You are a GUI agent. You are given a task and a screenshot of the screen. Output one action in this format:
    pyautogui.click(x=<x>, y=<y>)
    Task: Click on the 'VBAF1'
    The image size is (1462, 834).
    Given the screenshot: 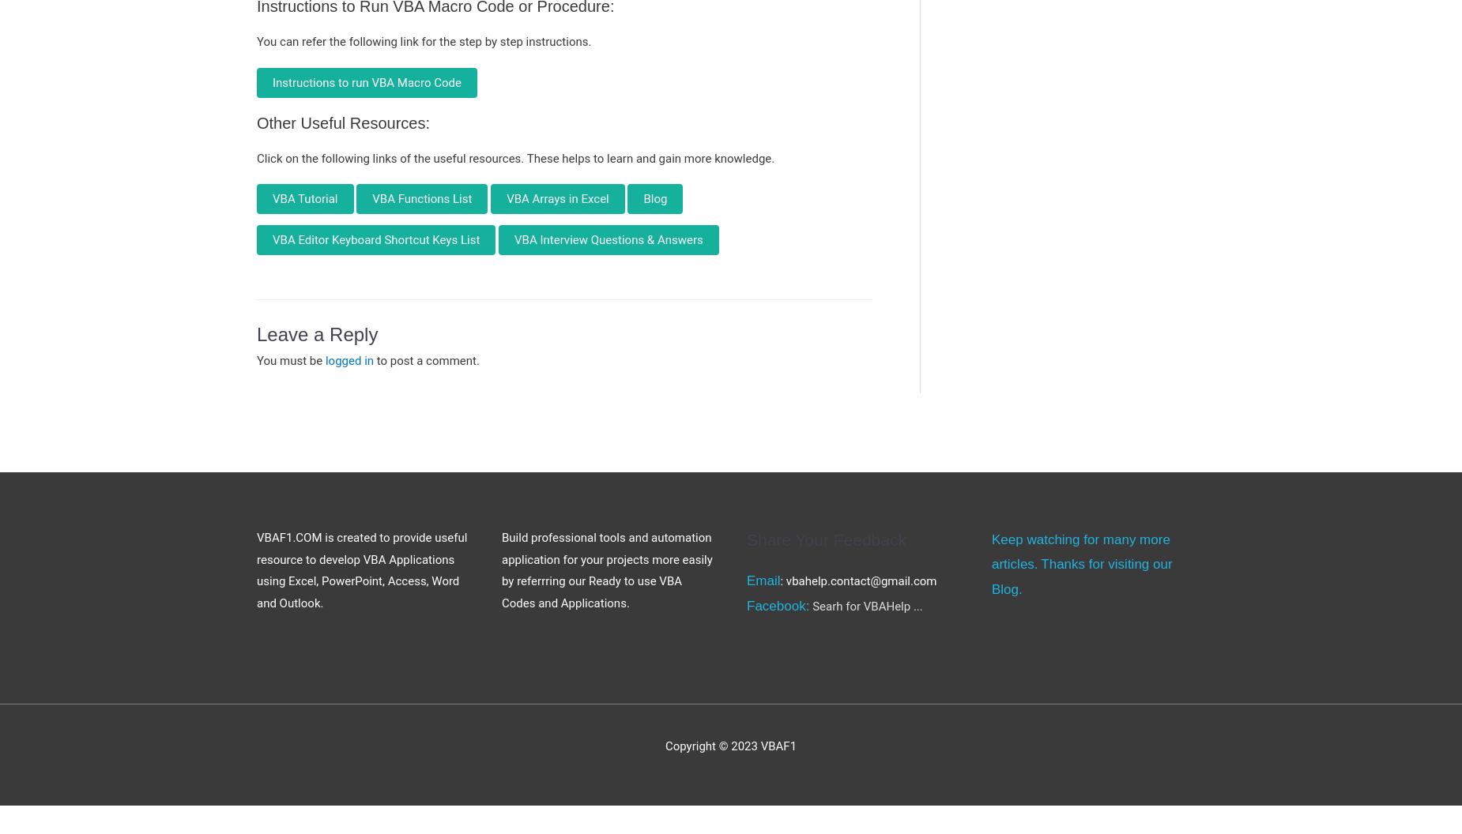 What is the action you would take?
    pyautogui.click(x=777, y=746)
    